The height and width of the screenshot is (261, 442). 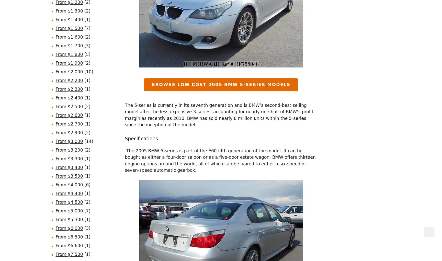 What do you see at coordinates (55, 54) in the screenshot?
I see `'From $1,800'` at bounding box center [55, 54].